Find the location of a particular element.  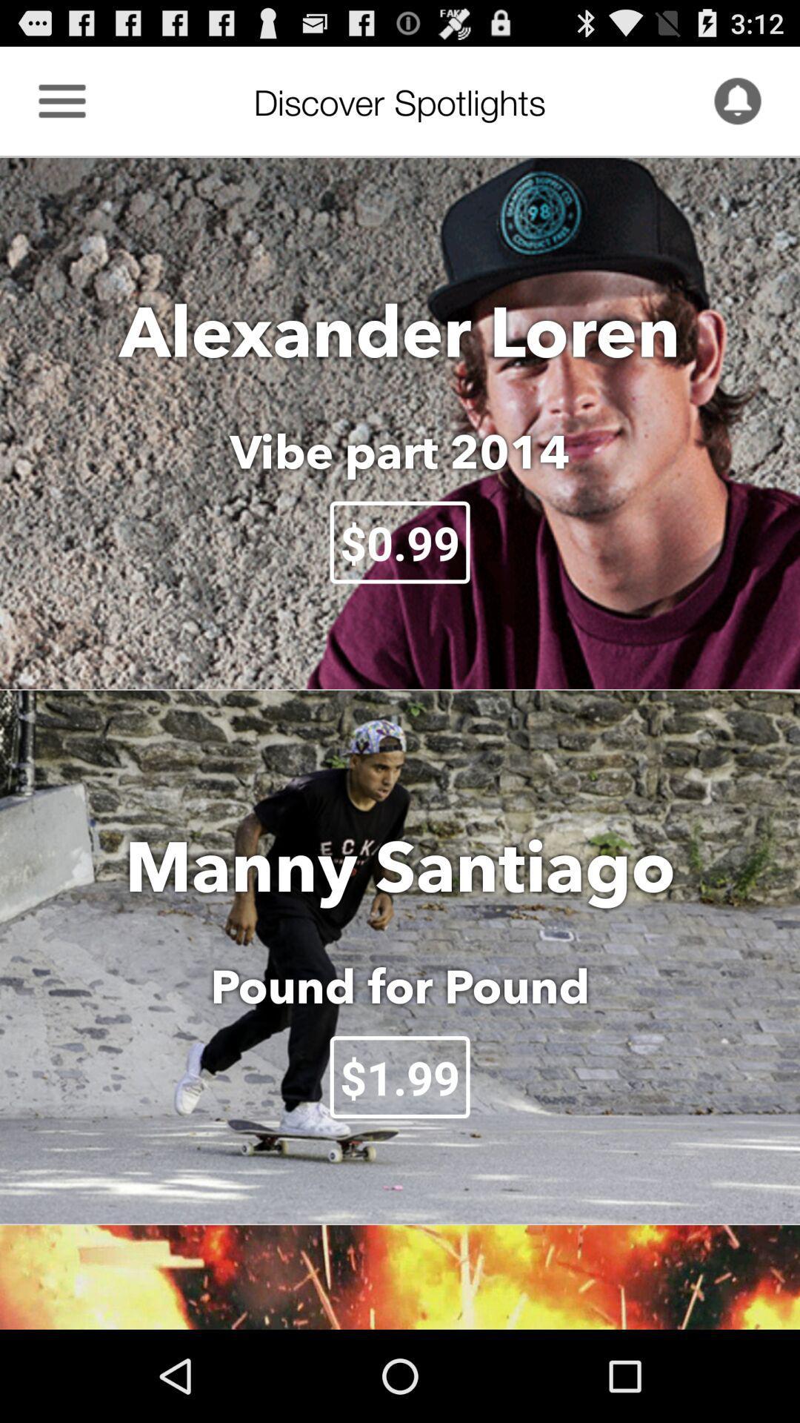

vibe part 2014 app is located at coordinates (400, 451).